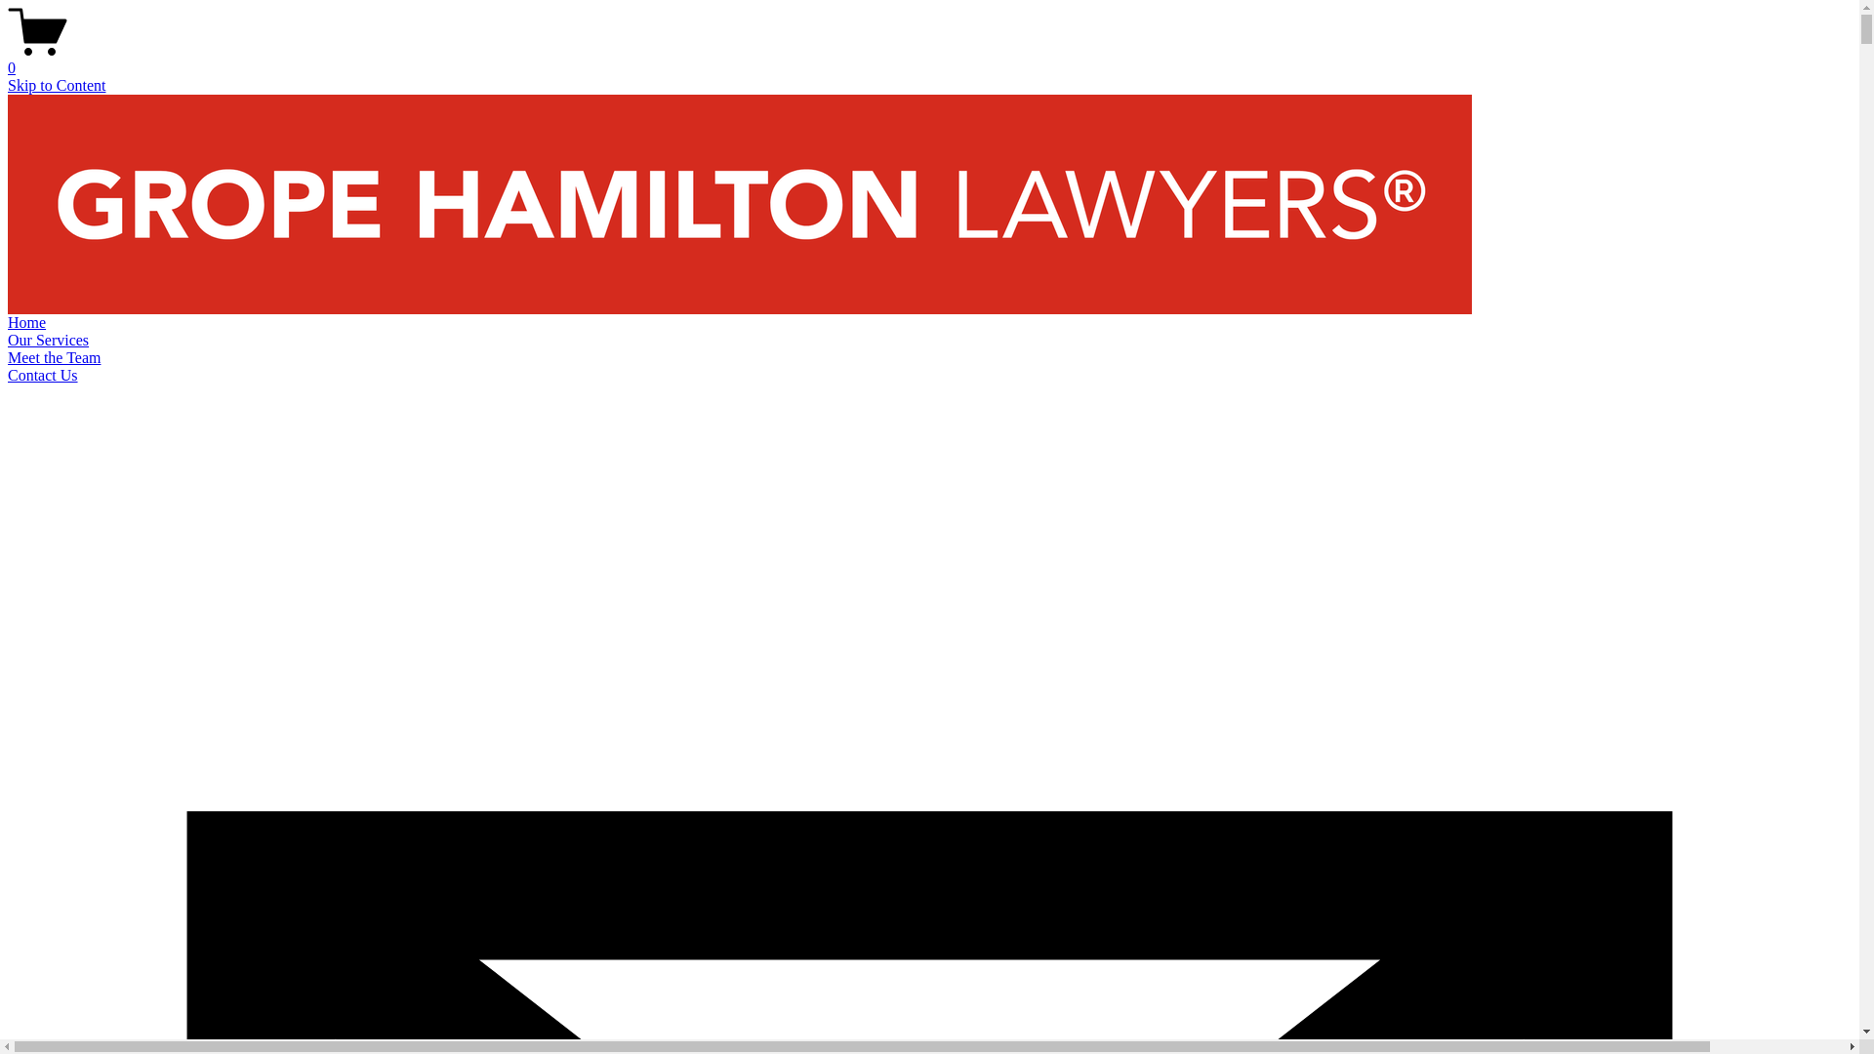 This screenshot has width=1874, height=1054. I want to click on 'Our Services', so click(48, 339).